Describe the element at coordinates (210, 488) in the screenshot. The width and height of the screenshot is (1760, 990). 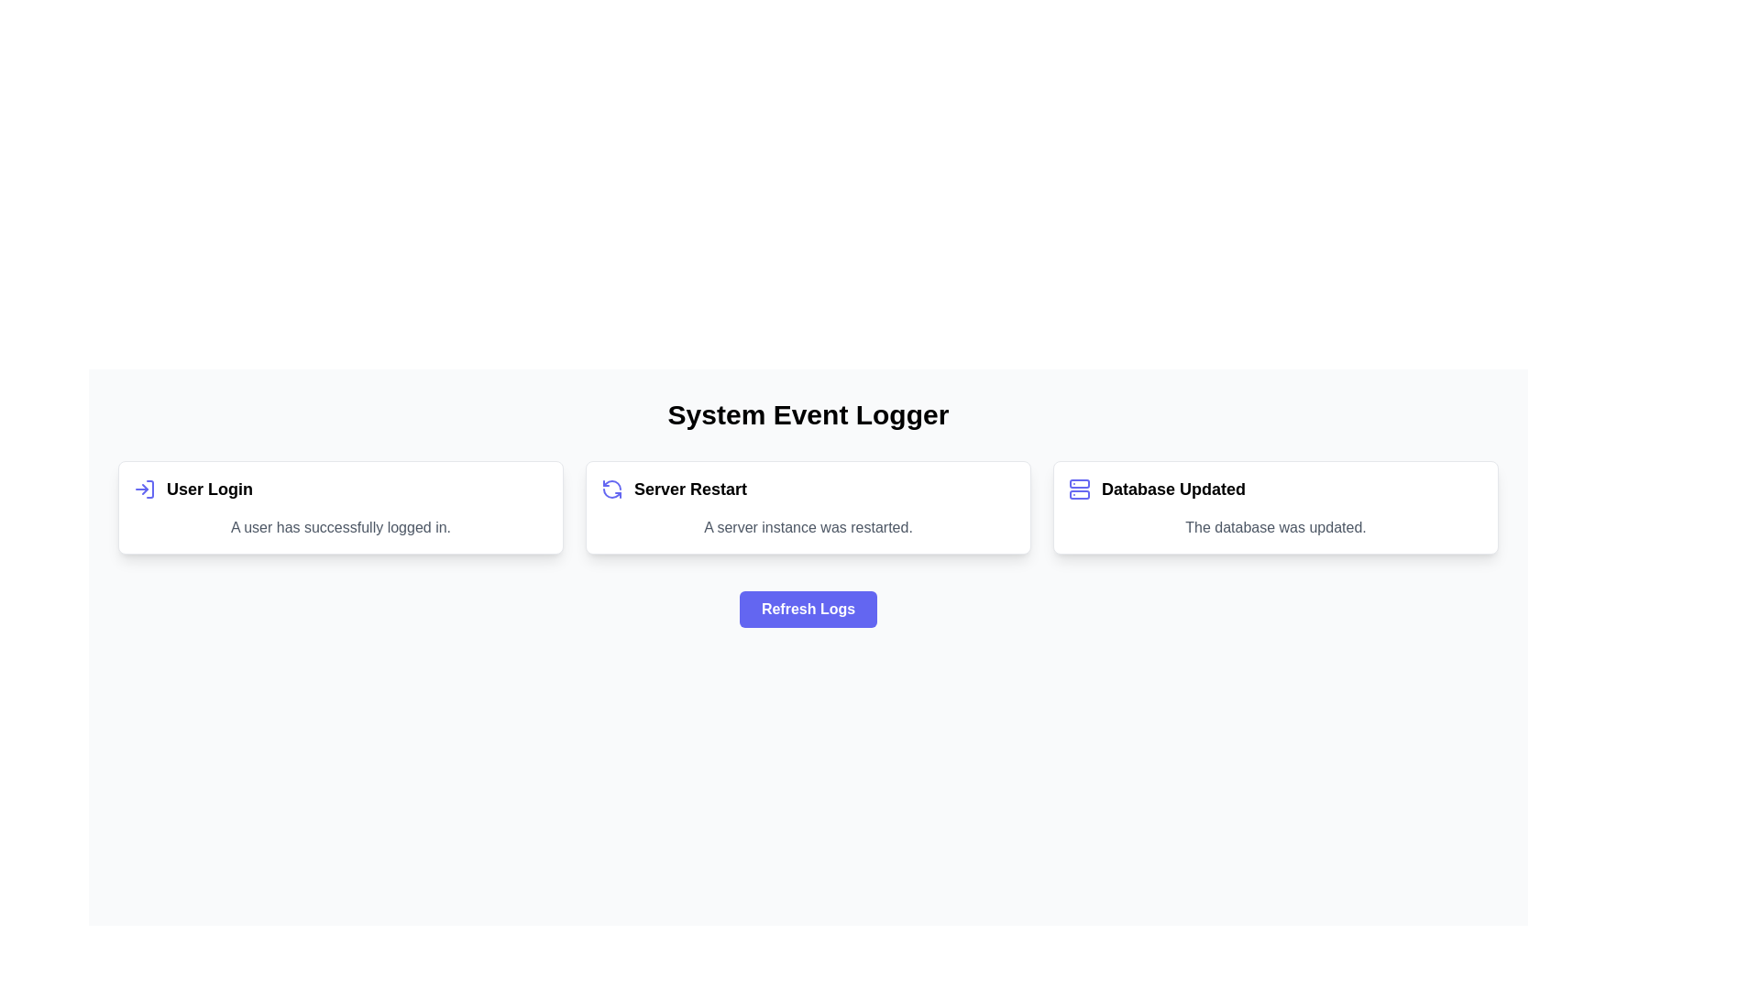
I see `the 'User Login' text label, which is bold and large, positioned to the right of the login icon in the top-left card of the layout` at that location.